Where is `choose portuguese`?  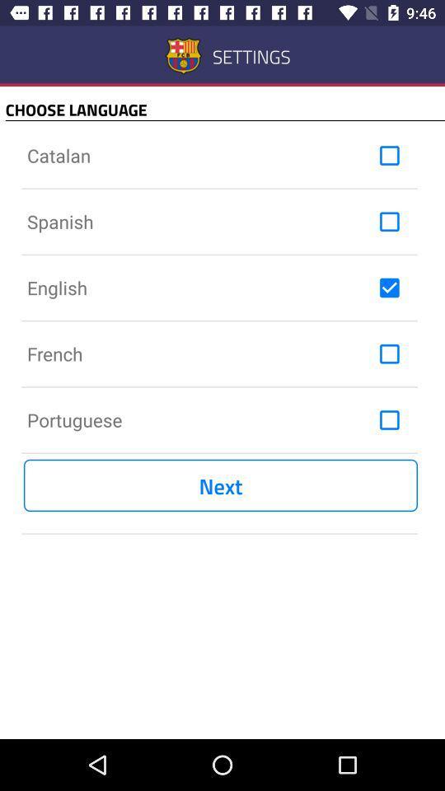 choose portuguese is located at coordinates (389, 419).